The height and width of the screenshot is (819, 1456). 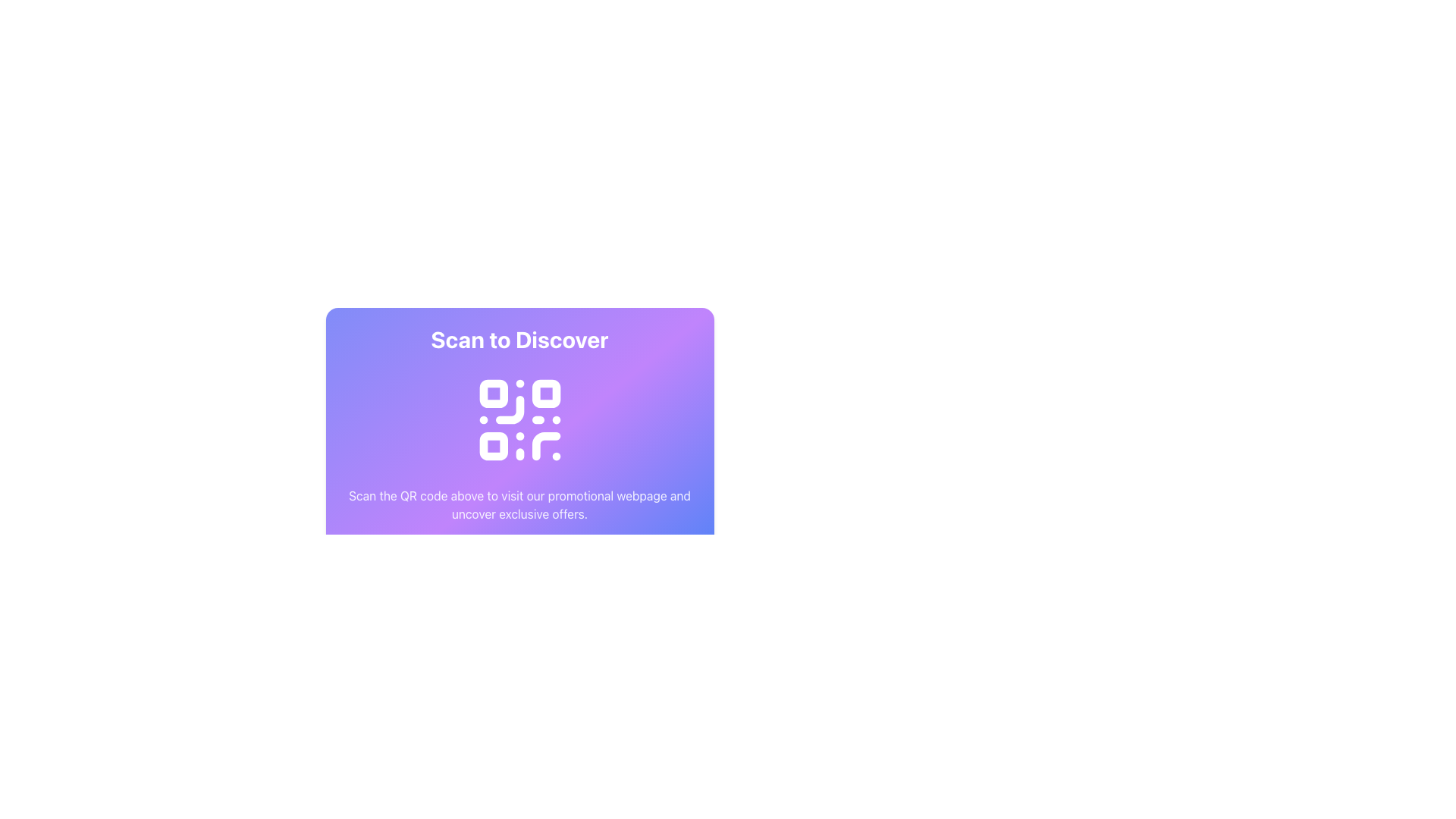 What do you see at coordinates (519, 424) in the screenshot?
I see `the informational section containing the heading 'Scan to Discover' and the QR code for interactions` at bounding box center [519, 424].